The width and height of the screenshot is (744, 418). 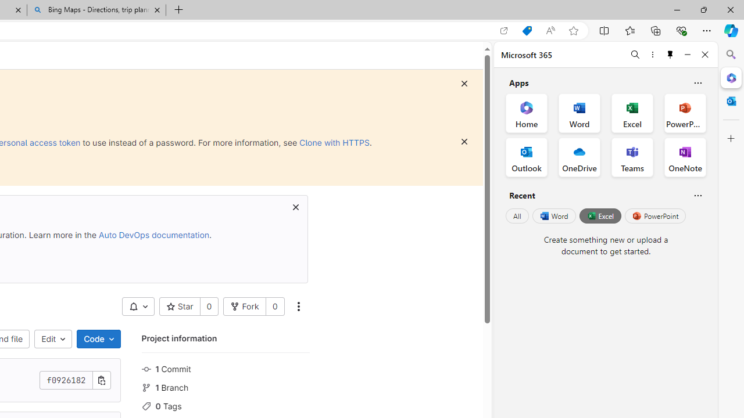 I want to click on 'Class: s16 icon gl-mr-3 gl-text-gray-500', so click(x=145, y=405).